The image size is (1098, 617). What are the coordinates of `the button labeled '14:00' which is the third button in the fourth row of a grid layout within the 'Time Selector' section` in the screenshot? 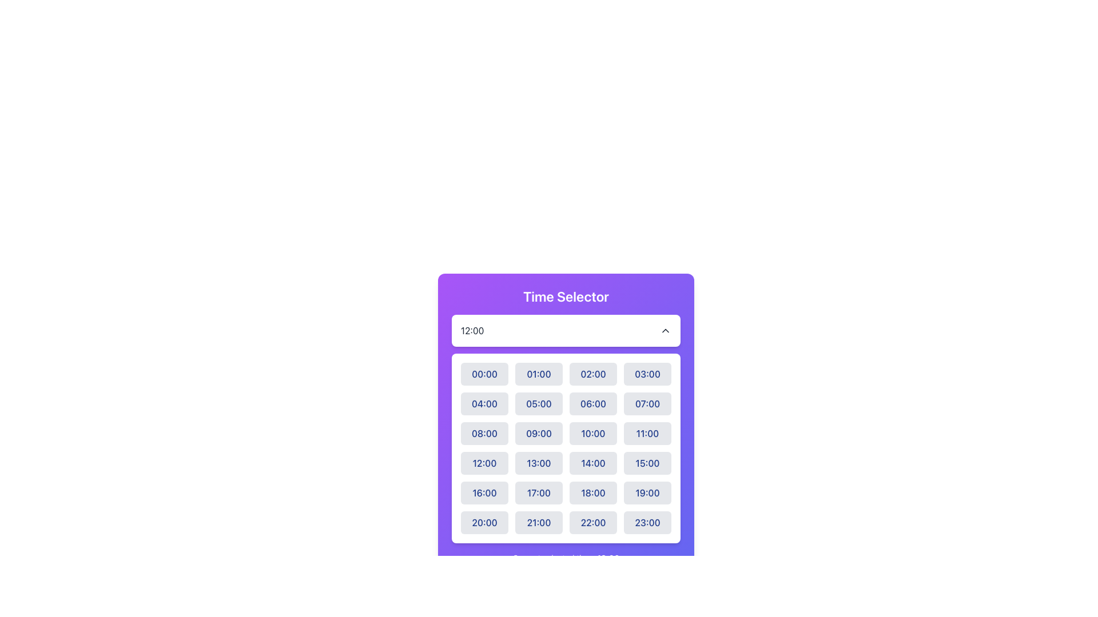 It's located at (593, 463).